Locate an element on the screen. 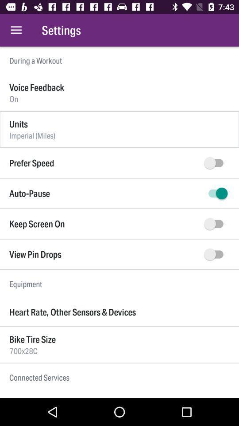 Image resolution: width=239 pixels, height=426 pixels. keep screen on option is located at coordinates (215, 223).